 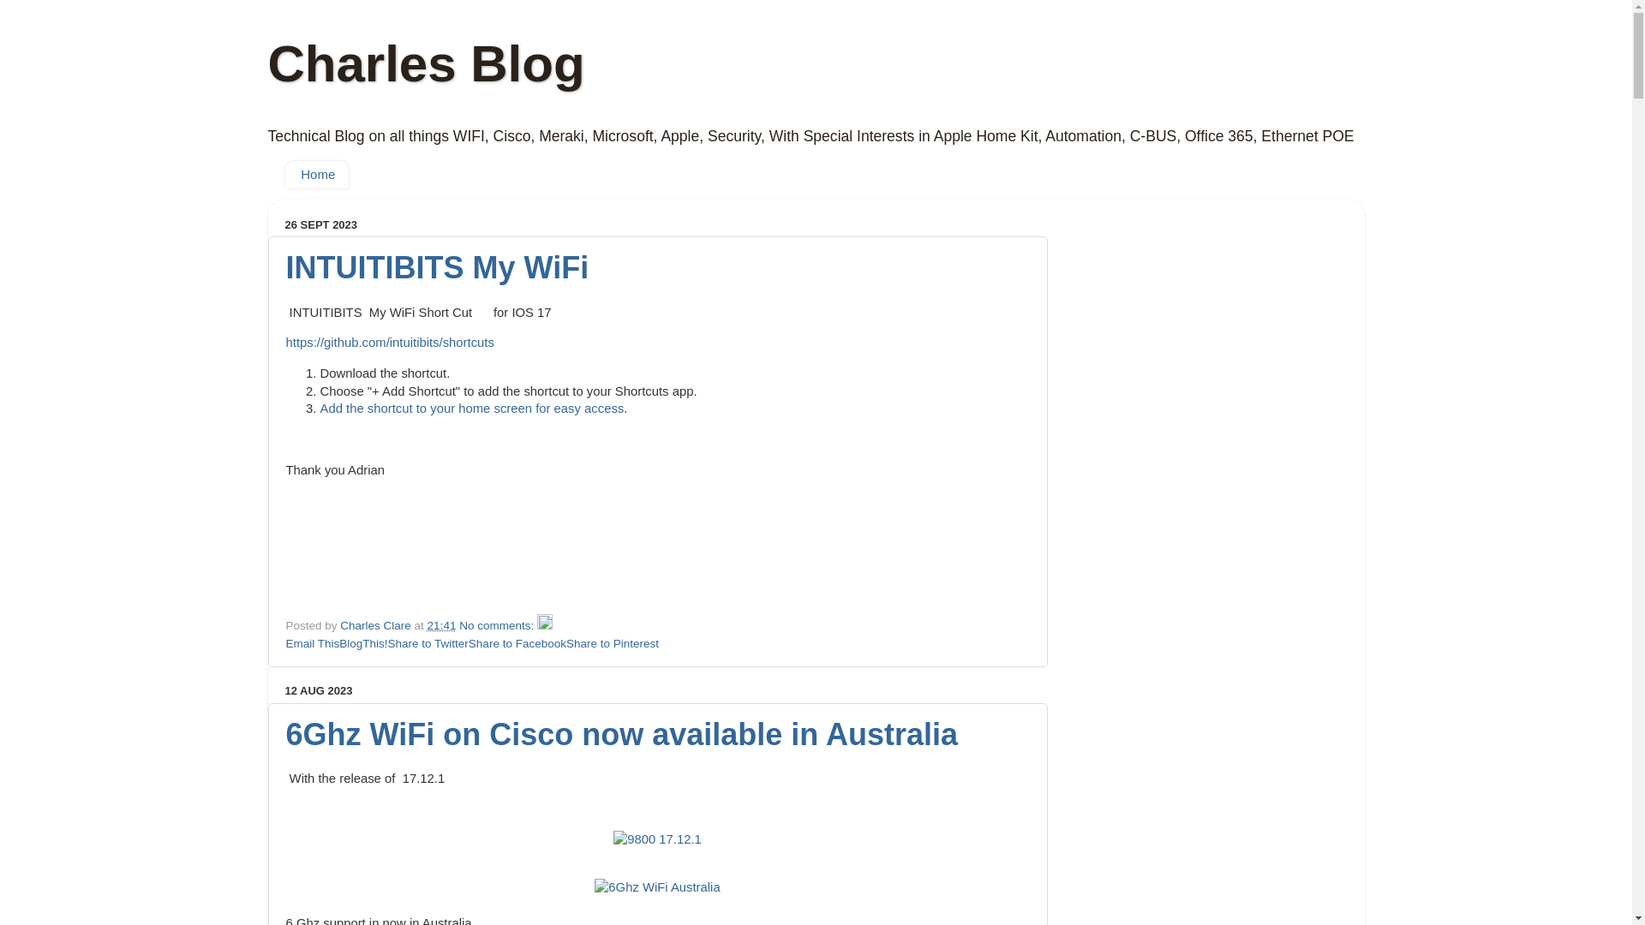 What do you see at coordinates (543, 625) in the screenshot?
I see `'Edit Post'` at bounding box center [543, 625].